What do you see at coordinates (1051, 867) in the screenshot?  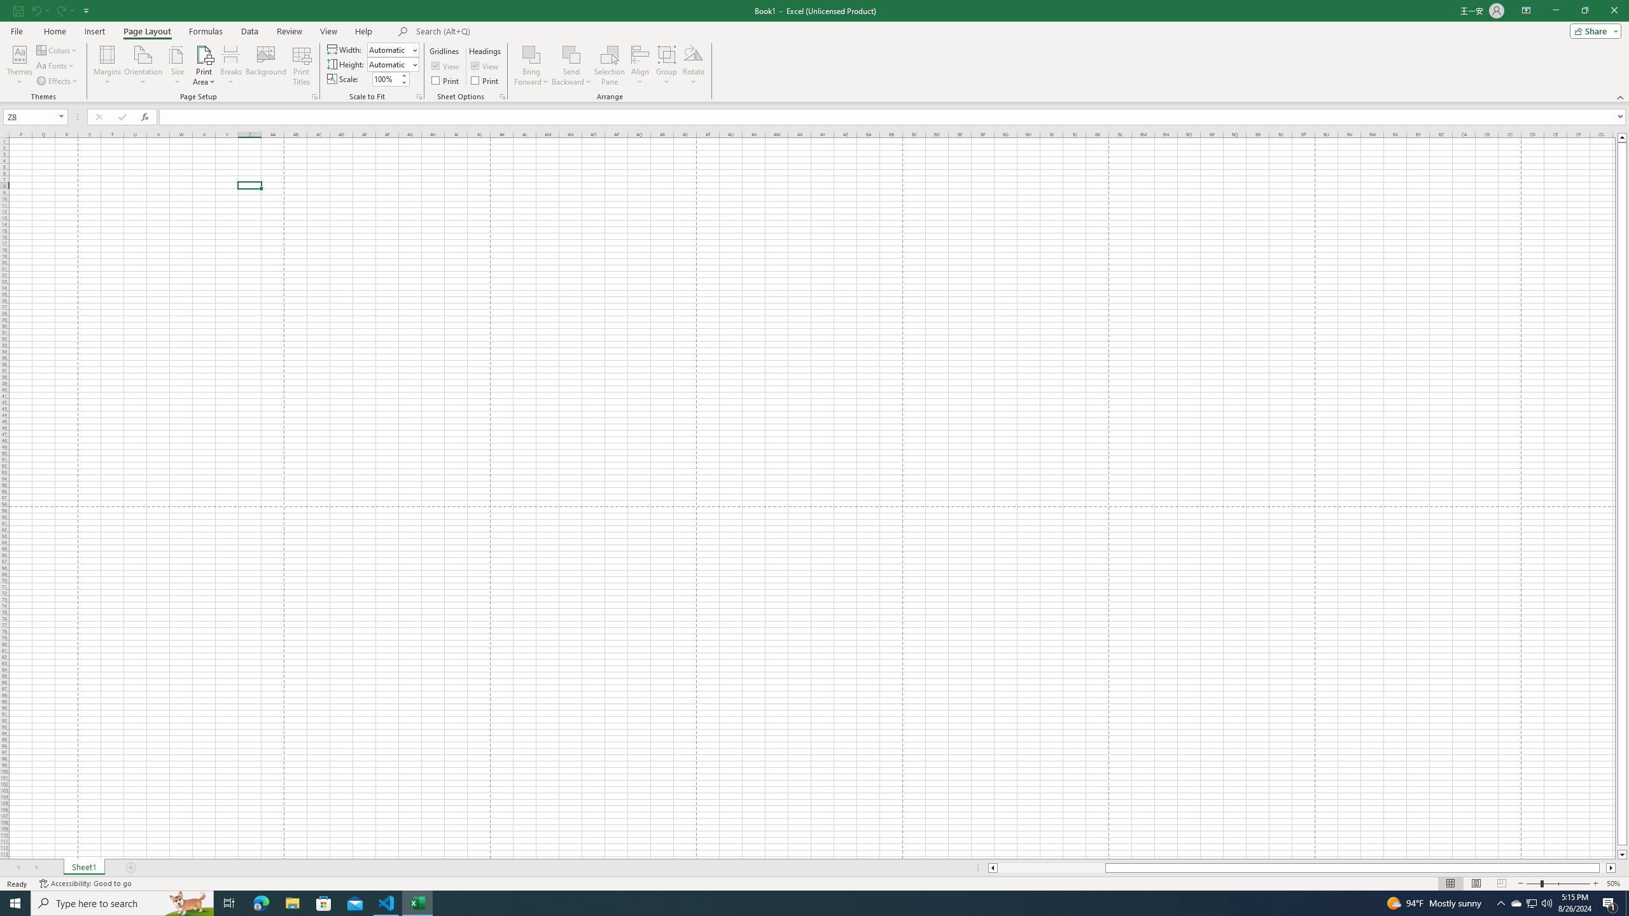 I see `'Page left'` at bounding box center [1051, 867].